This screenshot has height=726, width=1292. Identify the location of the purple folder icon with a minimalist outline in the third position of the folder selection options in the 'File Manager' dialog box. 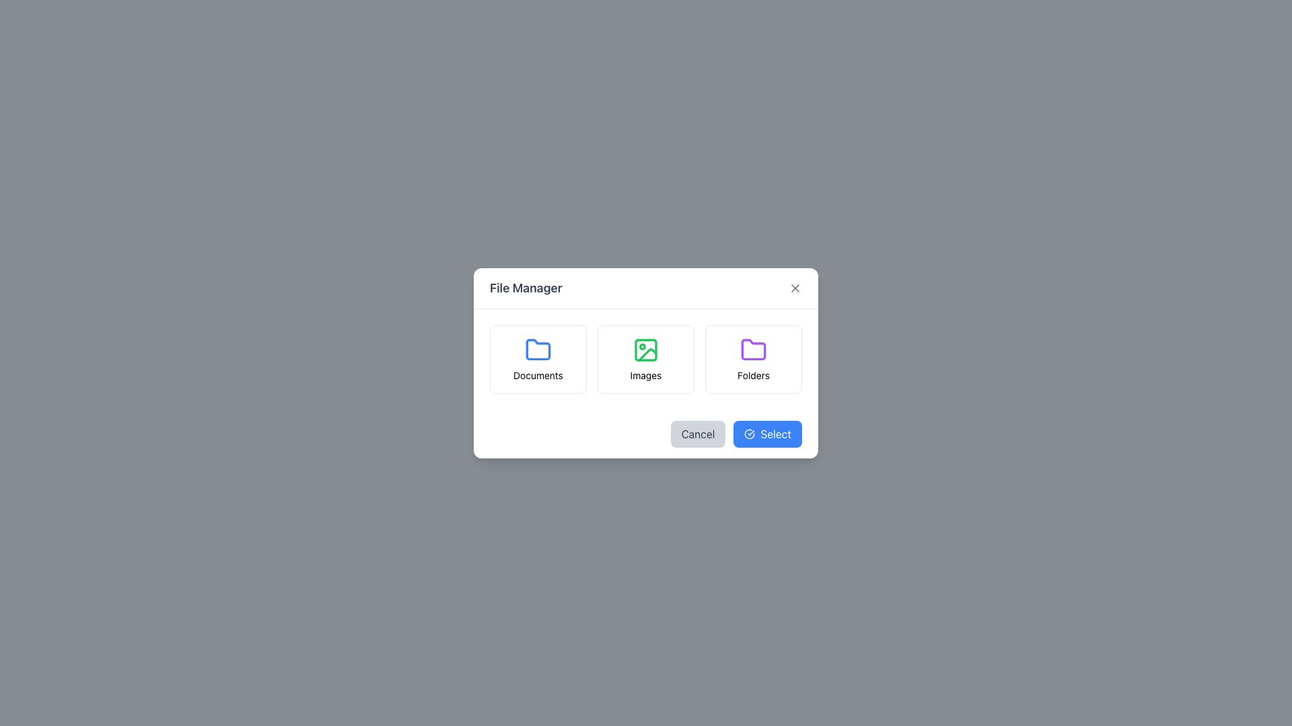
(752, 349).